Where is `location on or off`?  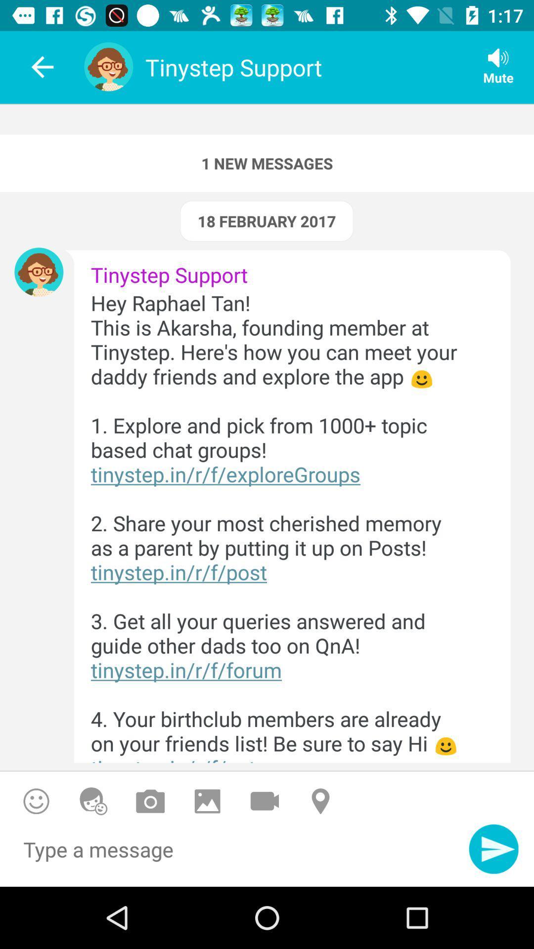 location on or off is located at coordinates (322, 801).